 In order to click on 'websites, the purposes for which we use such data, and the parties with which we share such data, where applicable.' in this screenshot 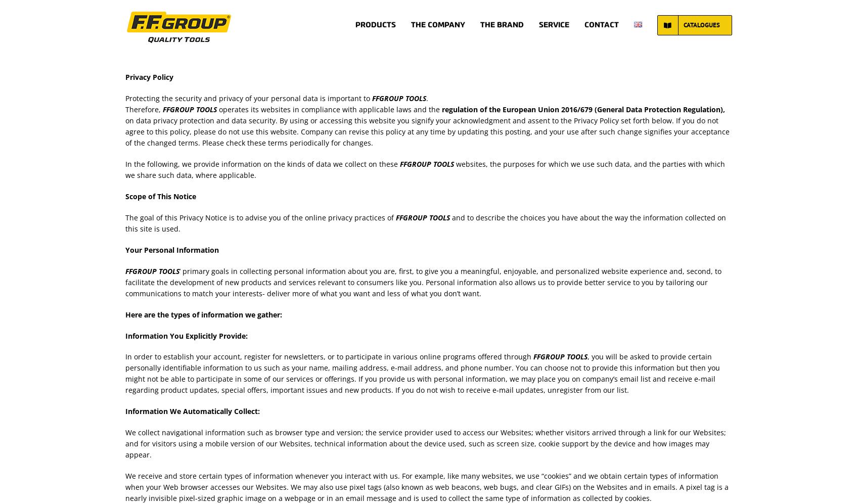, I will do `click(425, 168)`.